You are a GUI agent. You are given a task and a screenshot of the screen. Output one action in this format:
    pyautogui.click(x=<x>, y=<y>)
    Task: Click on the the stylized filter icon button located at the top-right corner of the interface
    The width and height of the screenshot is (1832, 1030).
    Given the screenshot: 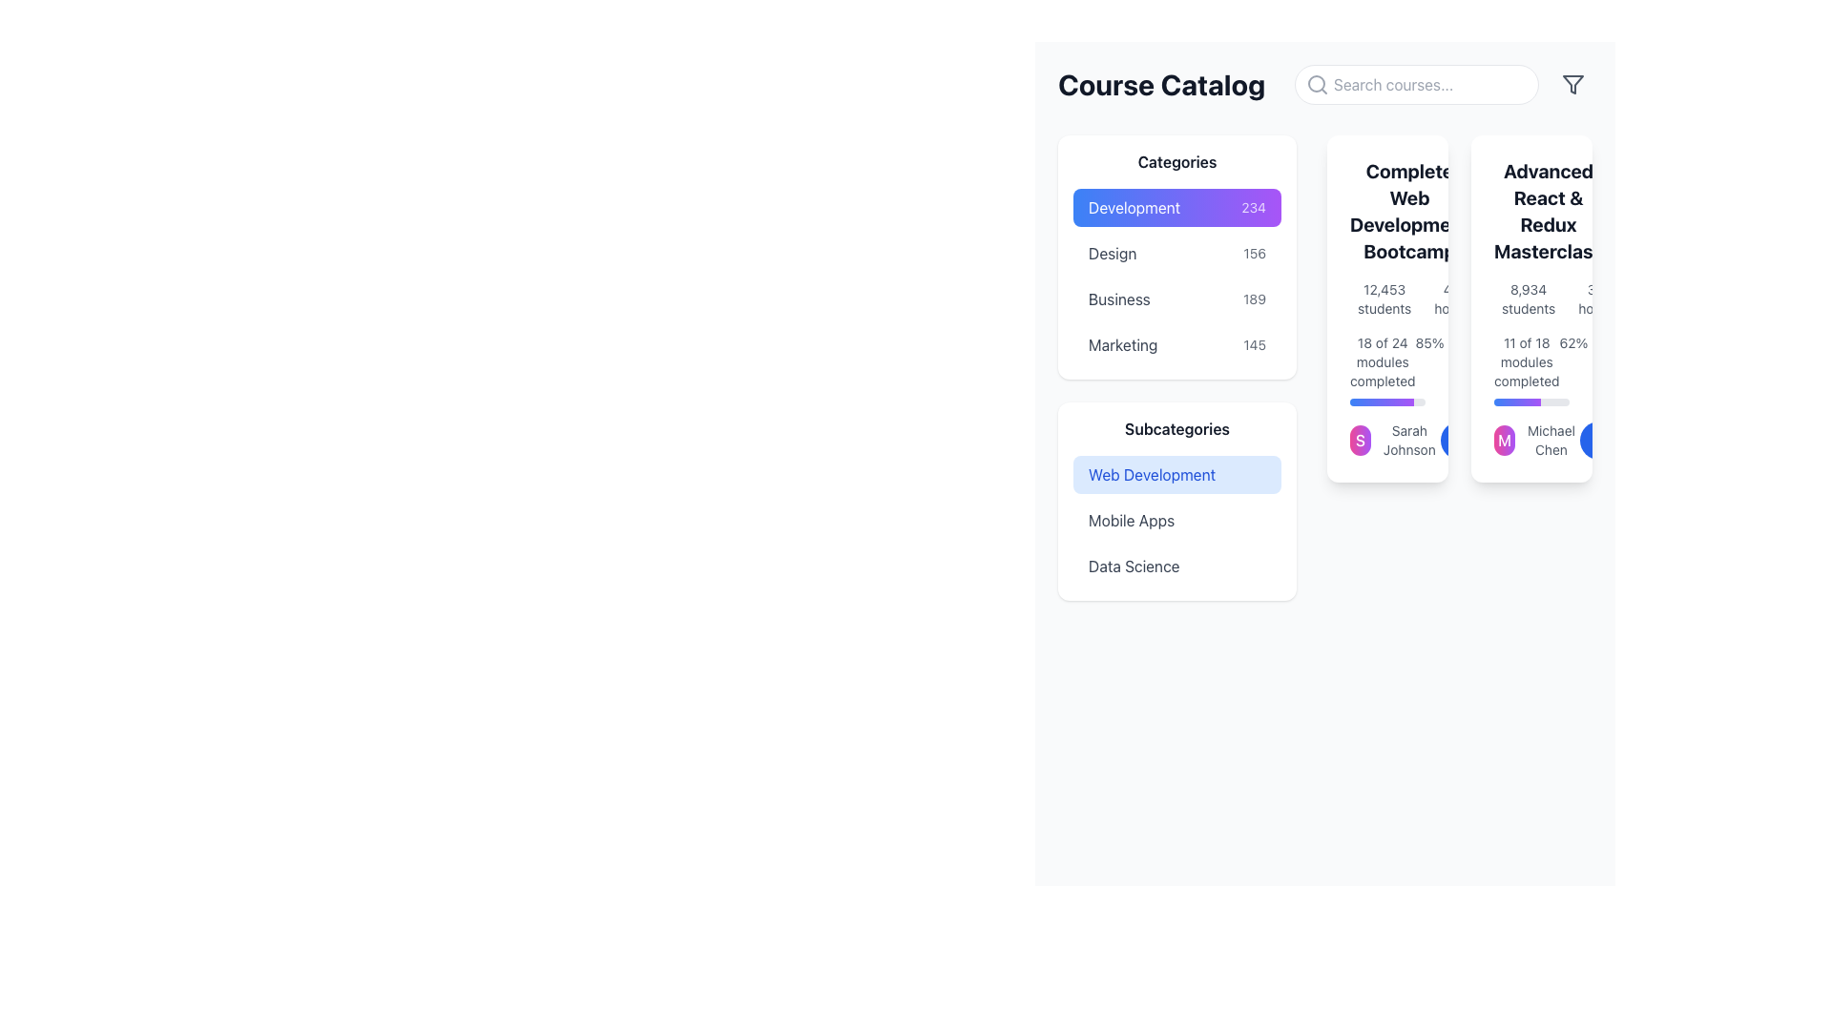 What is the action you would take?
    pyautogui.click(x=1573, y=83)
    